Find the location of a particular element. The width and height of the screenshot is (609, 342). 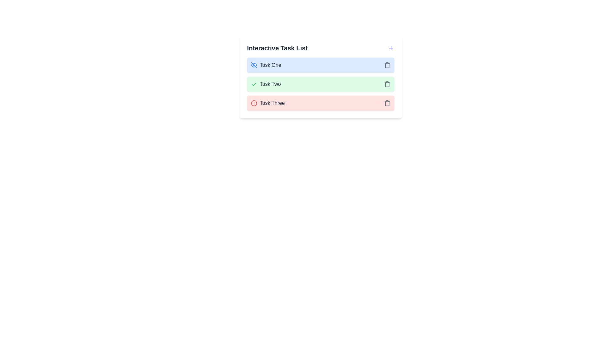

the task entry labeled 'Task One' which is located in the first row of the task list, highlighted with a blue background, to focus on the task is located at coordinates (266, 65).